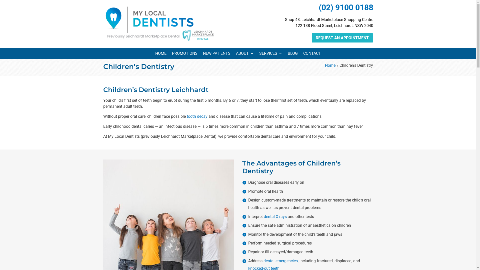 This screenshot has height=270, width=480. What do you see at coordinates (161, 54) in the screenshot?
I see `'HOME'` at bounding box center [161, 54].